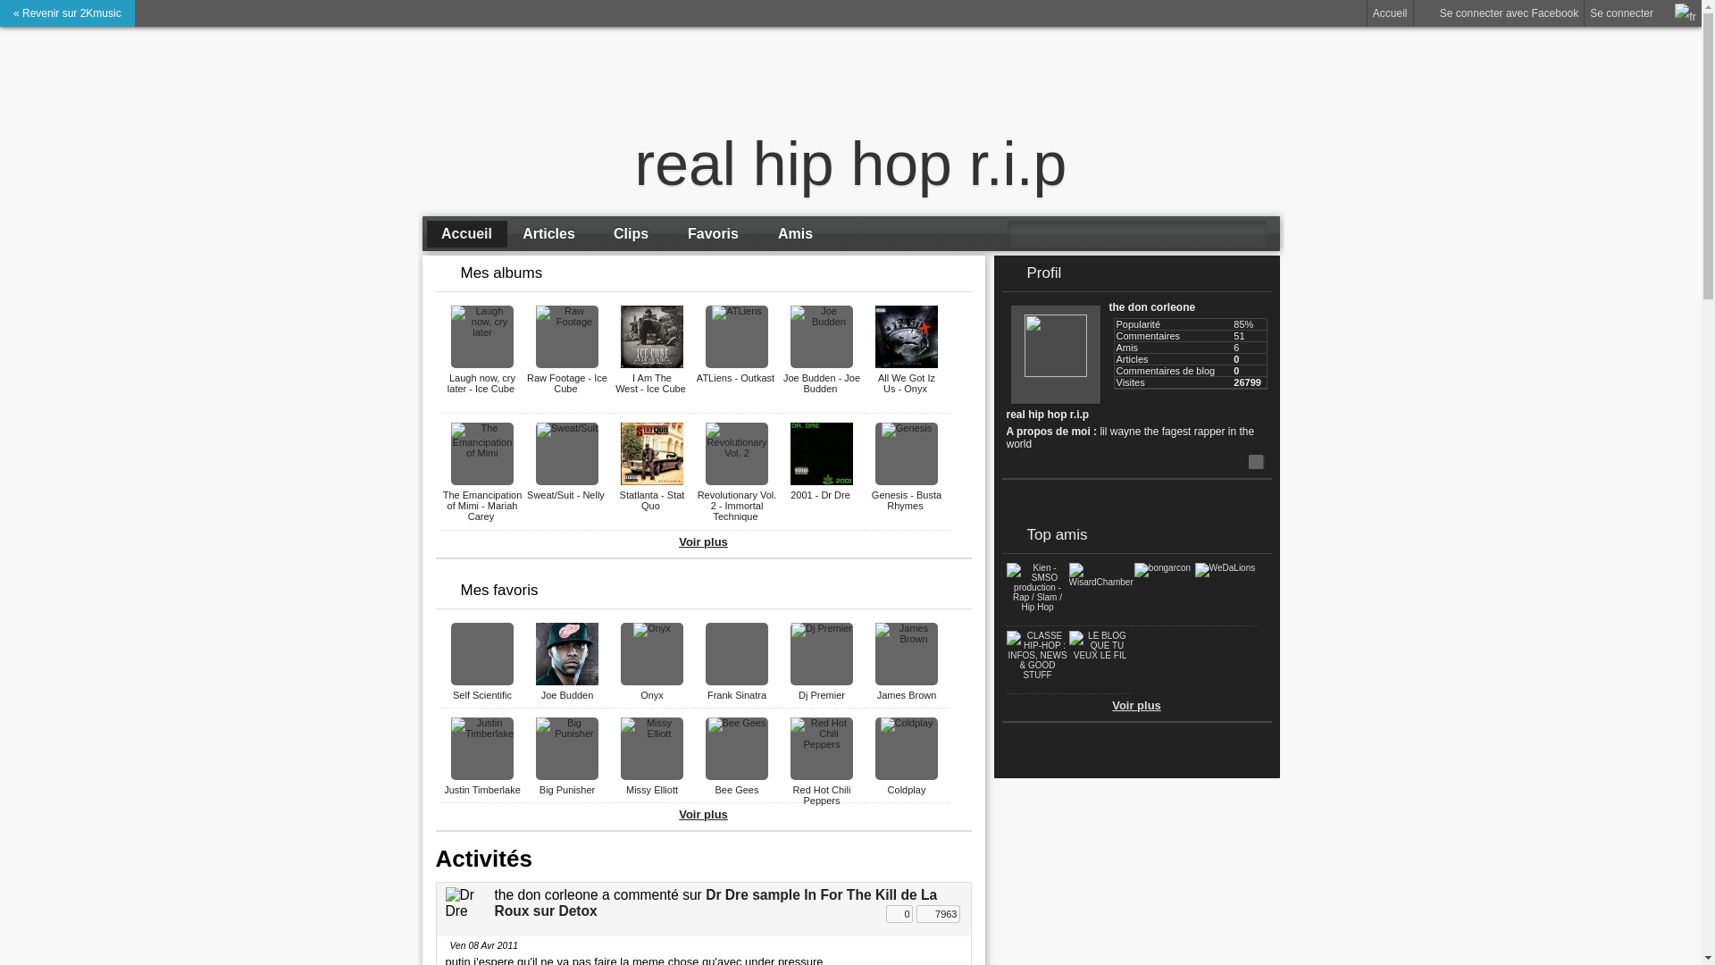  Describe the element at coordinates (887, 788) in the screenshot. I see `'Coldplay'` at that location.